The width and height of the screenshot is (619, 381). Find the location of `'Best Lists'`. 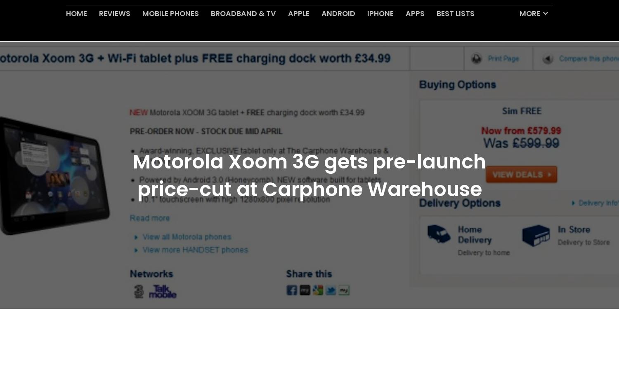

'Best Lists' is located at coordinates (436, 33).